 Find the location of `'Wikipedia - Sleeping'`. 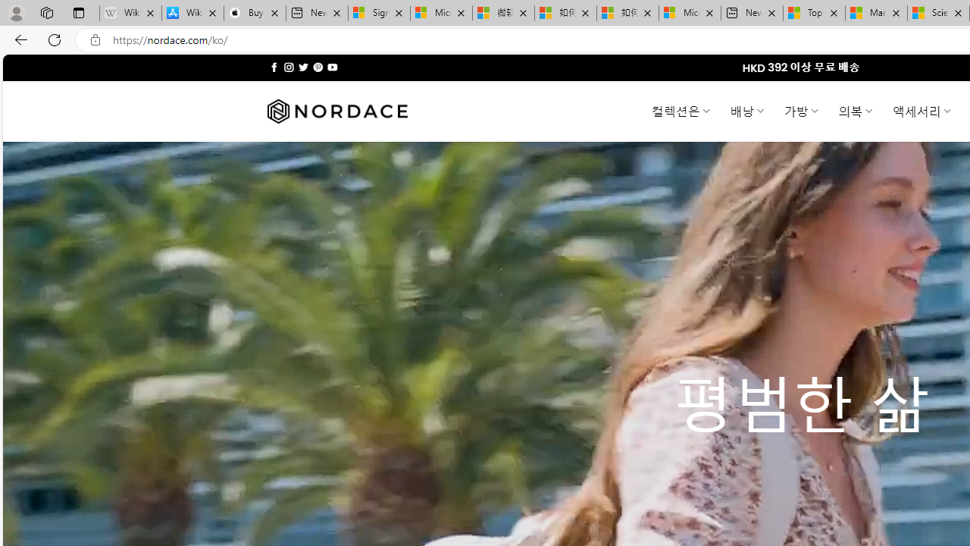

'Wikipedia - Sleeping' is located at coordinates (130, 13).